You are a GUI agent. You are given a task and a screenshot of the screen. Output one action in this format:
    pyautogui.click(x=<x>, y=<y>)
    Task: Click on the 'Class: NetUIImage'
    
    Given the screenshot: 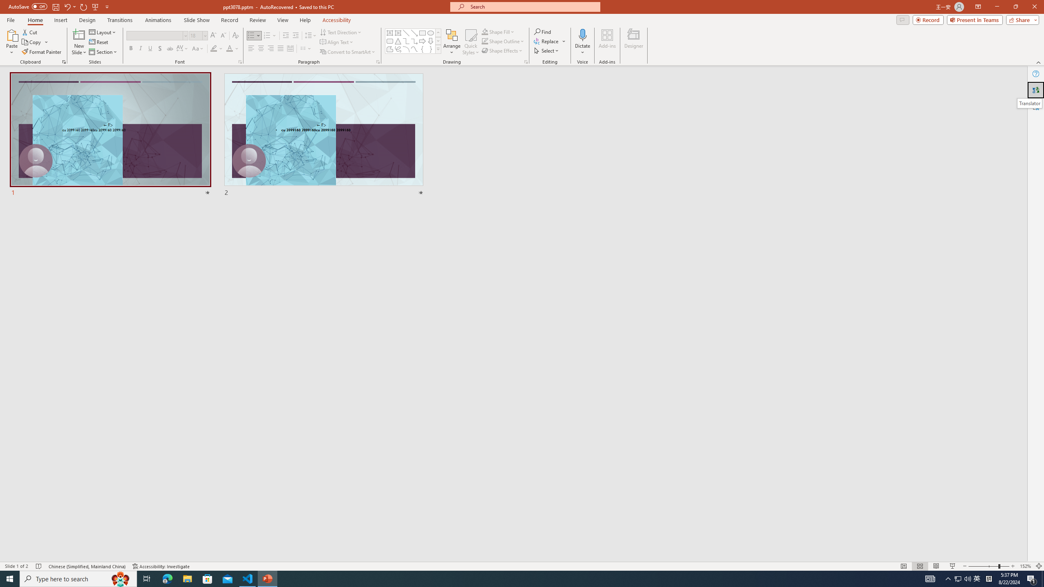 What is the action you would take?
    pyautogui.click(x=437, y=49)
    